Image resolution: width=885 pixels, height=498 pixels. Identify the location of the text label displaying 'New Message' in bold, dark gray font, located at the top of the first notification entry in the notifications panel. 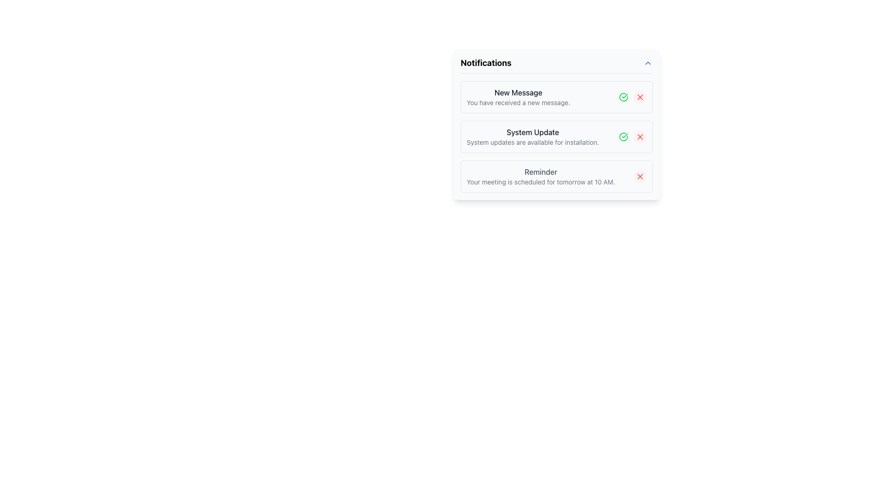
(518, 92).